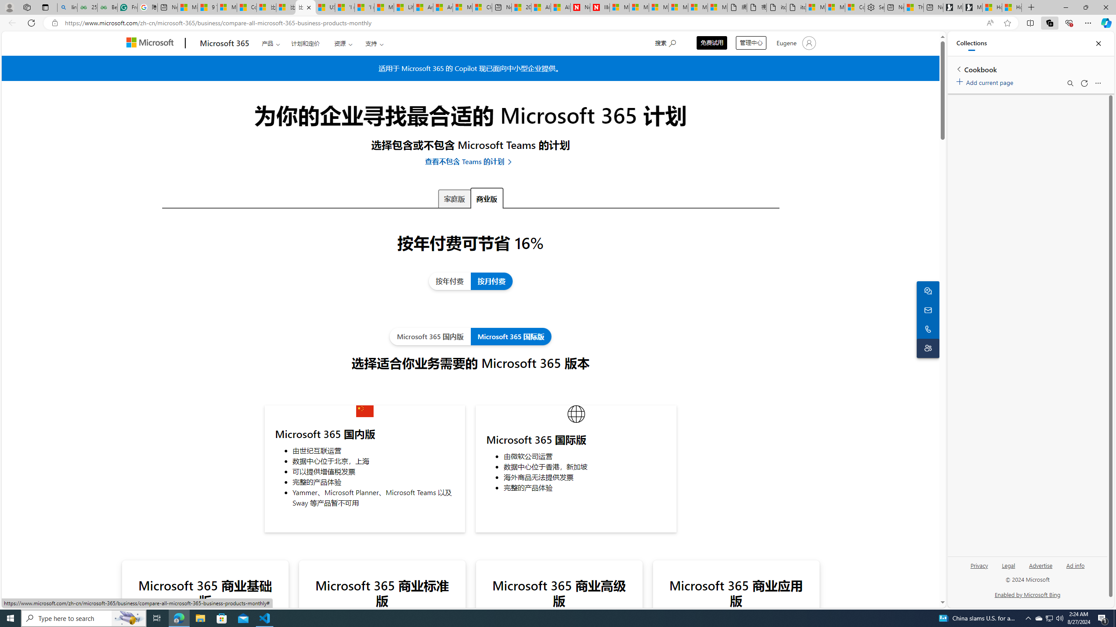 This screenshot has width=1116, height=627. I want to click on 'Back to list of collections', so click(958, 69).